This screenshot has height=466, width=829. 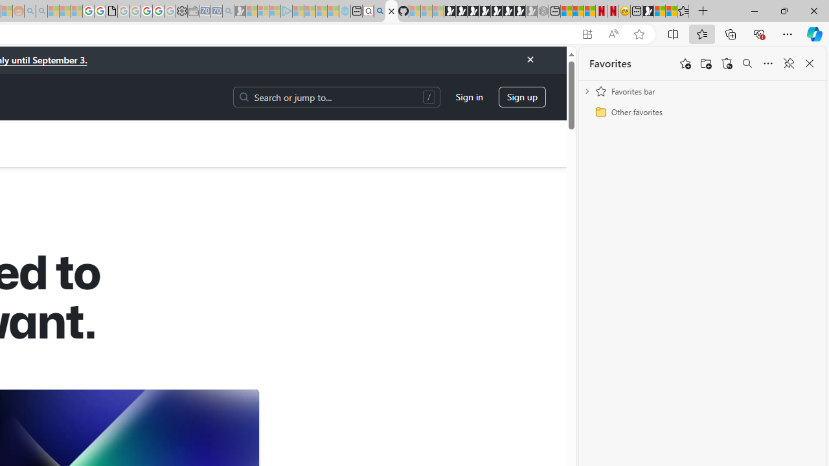 What do you see at coordinates (705, 63) in the screenshot?
I see `'Add folder'` at bounding box center [705, 63].